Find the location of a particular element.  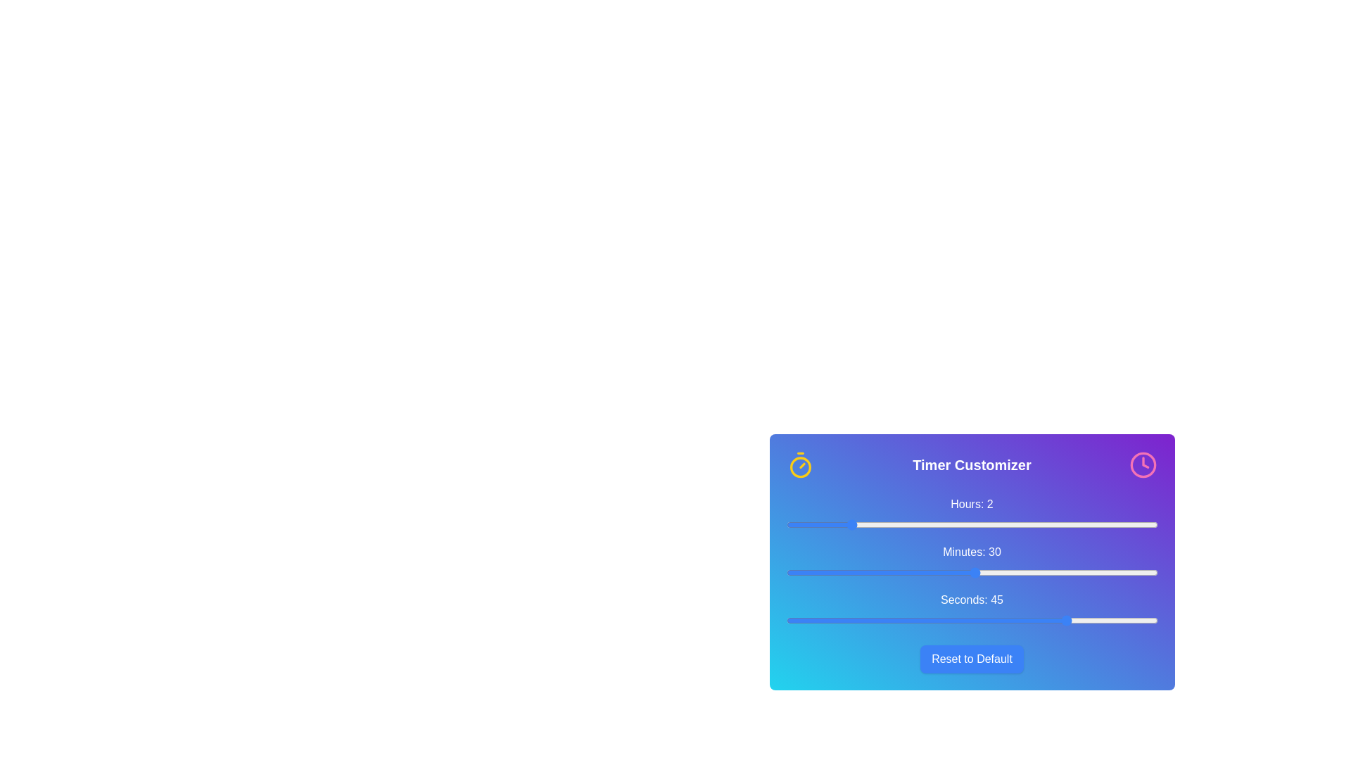

clock icon at the top-right of the Timer Customizer component is located at coordinates (1143, 464).